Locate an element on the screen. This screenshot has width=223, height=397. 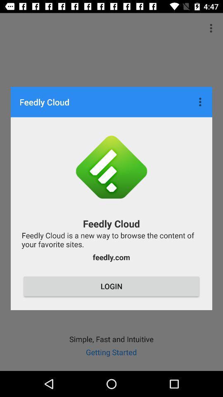
the icon at the bottom is located at coordinates (111, 286).